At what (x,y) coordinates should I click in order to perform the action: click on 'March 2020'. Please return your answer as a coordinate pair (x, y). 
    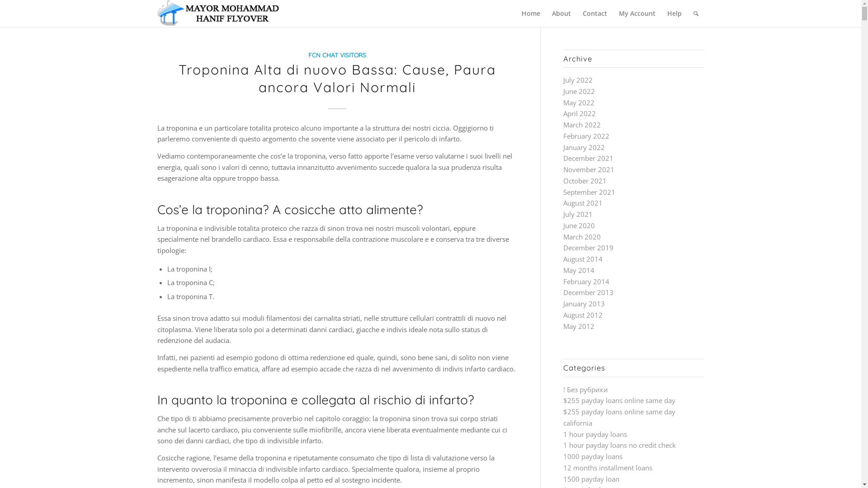
    Looking at the image, I should click on (582, 236).